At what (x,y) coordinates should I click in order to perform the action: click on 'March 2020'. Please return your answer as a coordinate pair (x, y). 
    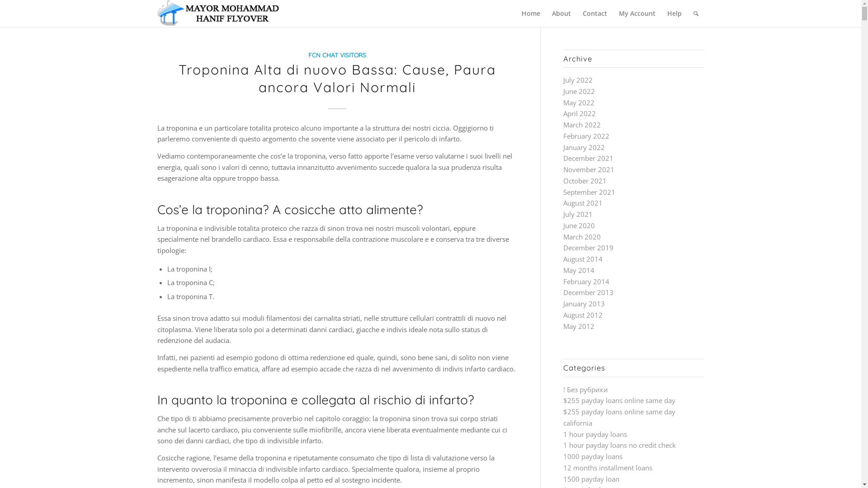
    Looking at the image, I should click on (582, 236).